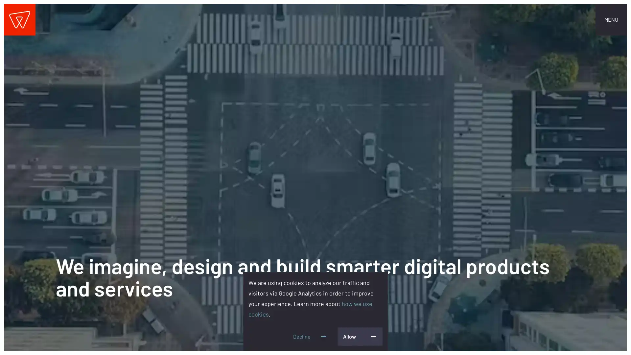  What do you see at coordinates (360, 336) in the screenshot?
I see `Allow` at bounding box center [360, 336].